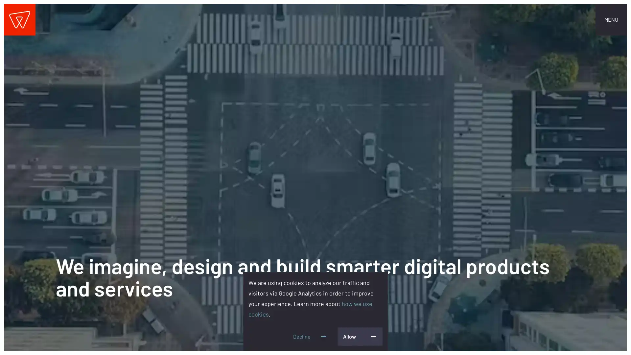  What do you see at coordinates (360, 336) in the screenshot?
I see `Allow` at bounding box center [360, 336].